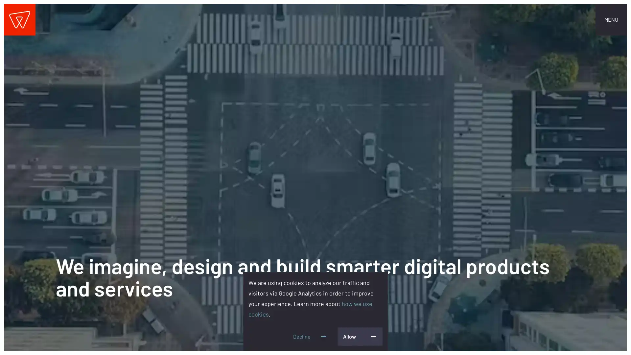  What do you see at coordinates (360, 336) in the screenshot?
I see `Allow` at bounding box center [360, 336].